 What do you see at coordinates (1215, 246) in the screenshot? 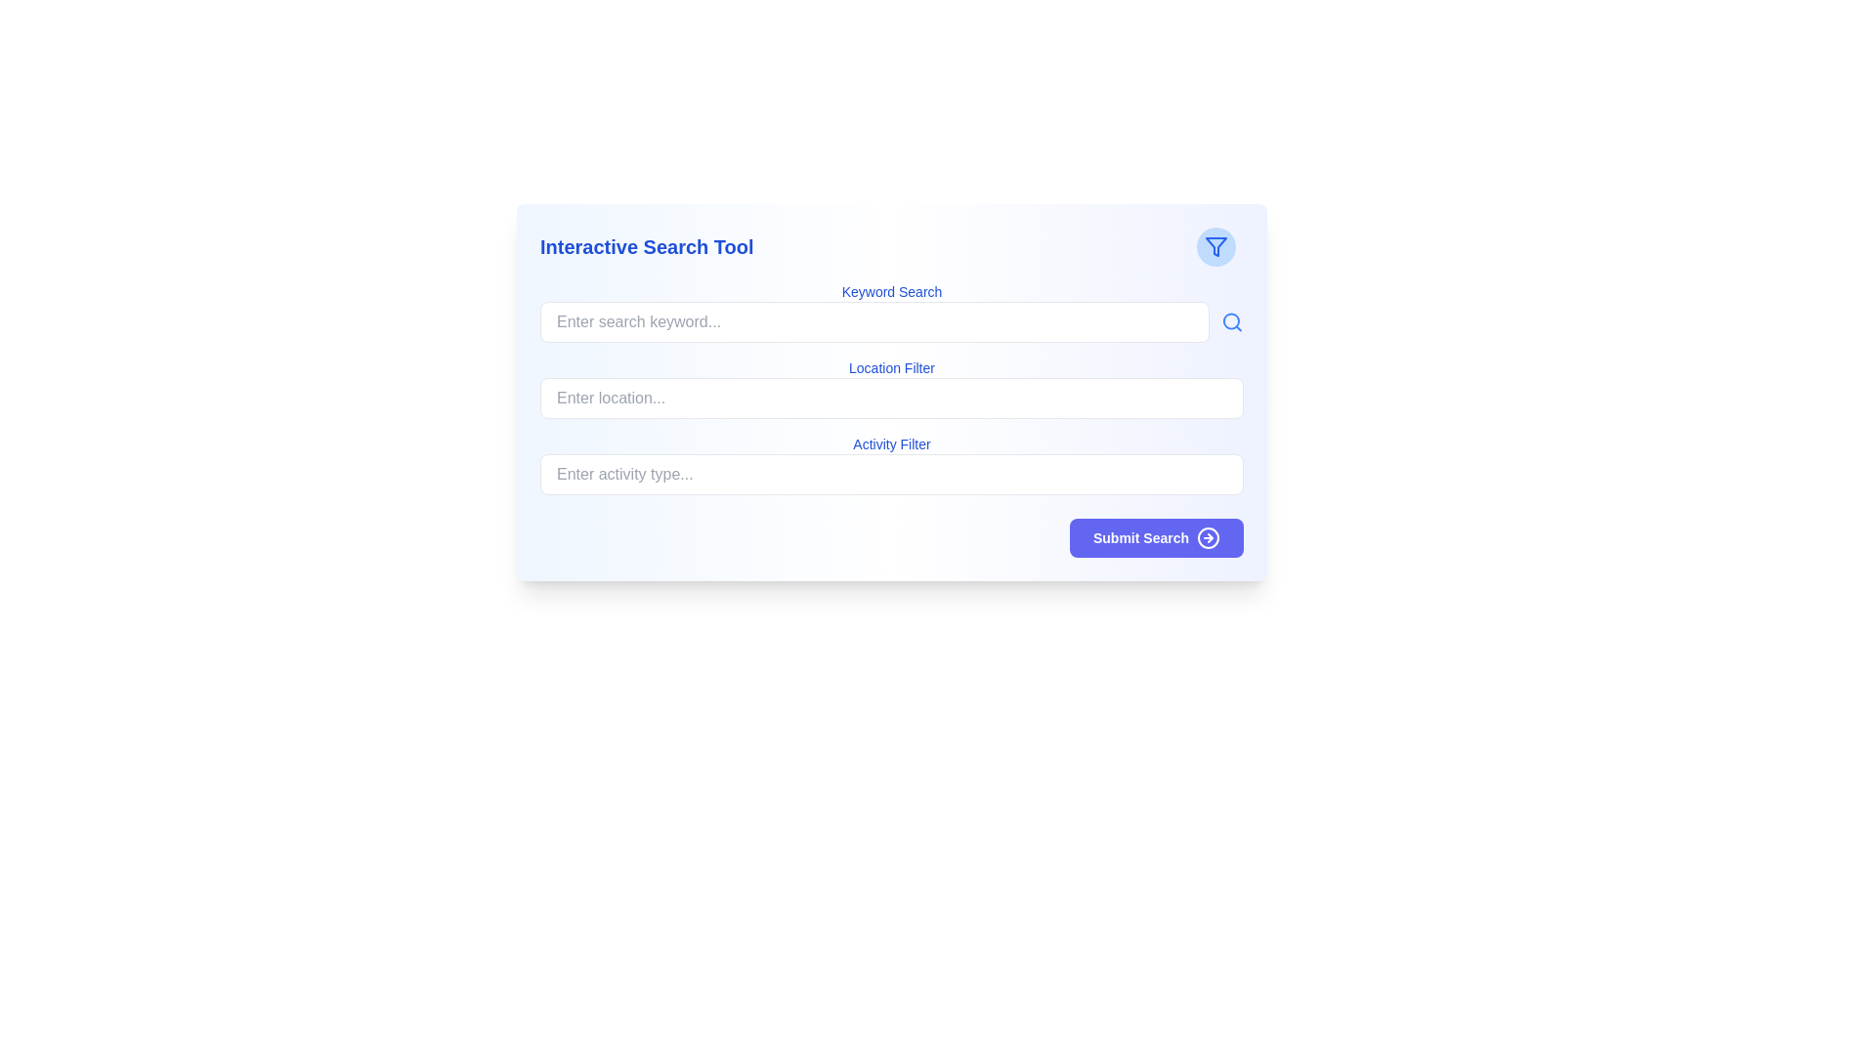
I see `the filter toggle icon located in the top right corner of the interface` at bounding box center [1215, 246].